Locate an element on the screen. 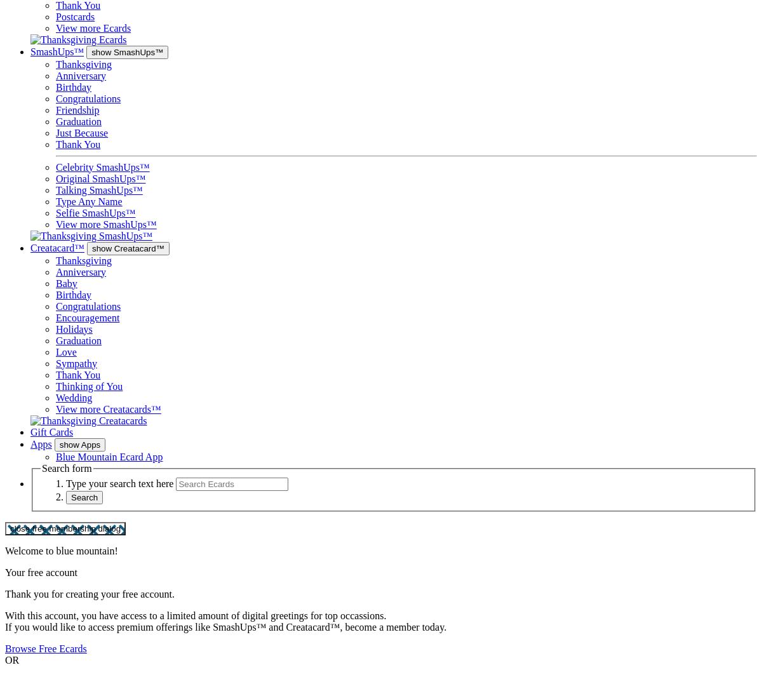  'Apps' is located at coordinates (41, 443).